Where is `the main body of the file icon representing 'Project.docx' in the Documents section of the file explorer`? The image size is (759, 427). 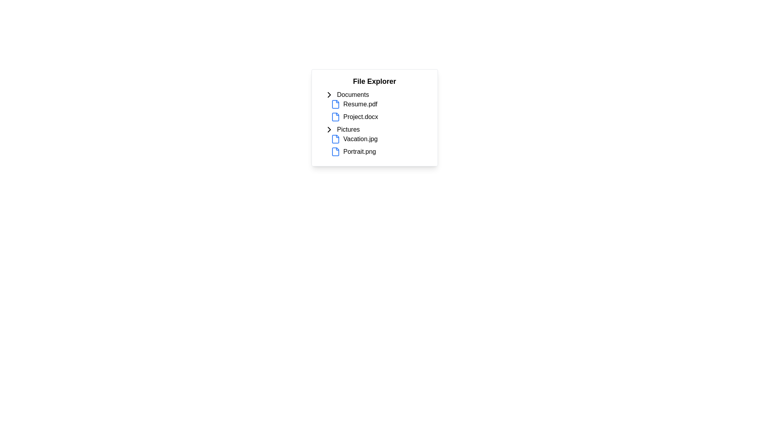 the main body of the file icon representing 'Project.docx' in the Documents section of the file explorer is located at coordinates (335, 117).